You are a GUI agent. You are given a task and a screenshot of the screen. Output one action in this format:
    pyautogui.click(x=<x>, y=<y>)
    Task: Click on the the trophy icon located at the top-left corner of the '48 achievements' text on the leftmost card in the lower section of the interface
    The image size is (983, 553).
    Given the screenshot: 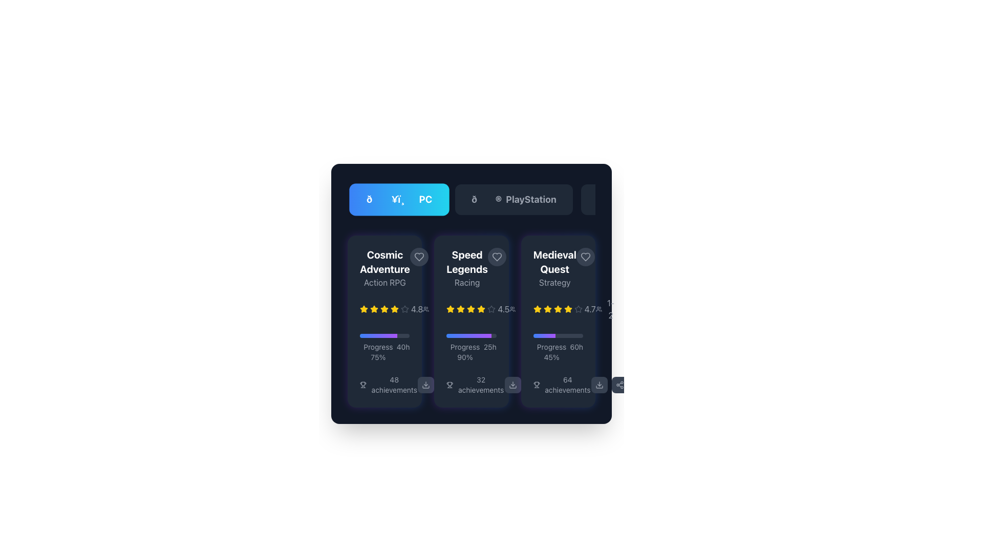 What is the action you would take?
    pyautogui.click(x=363, y=385)
    